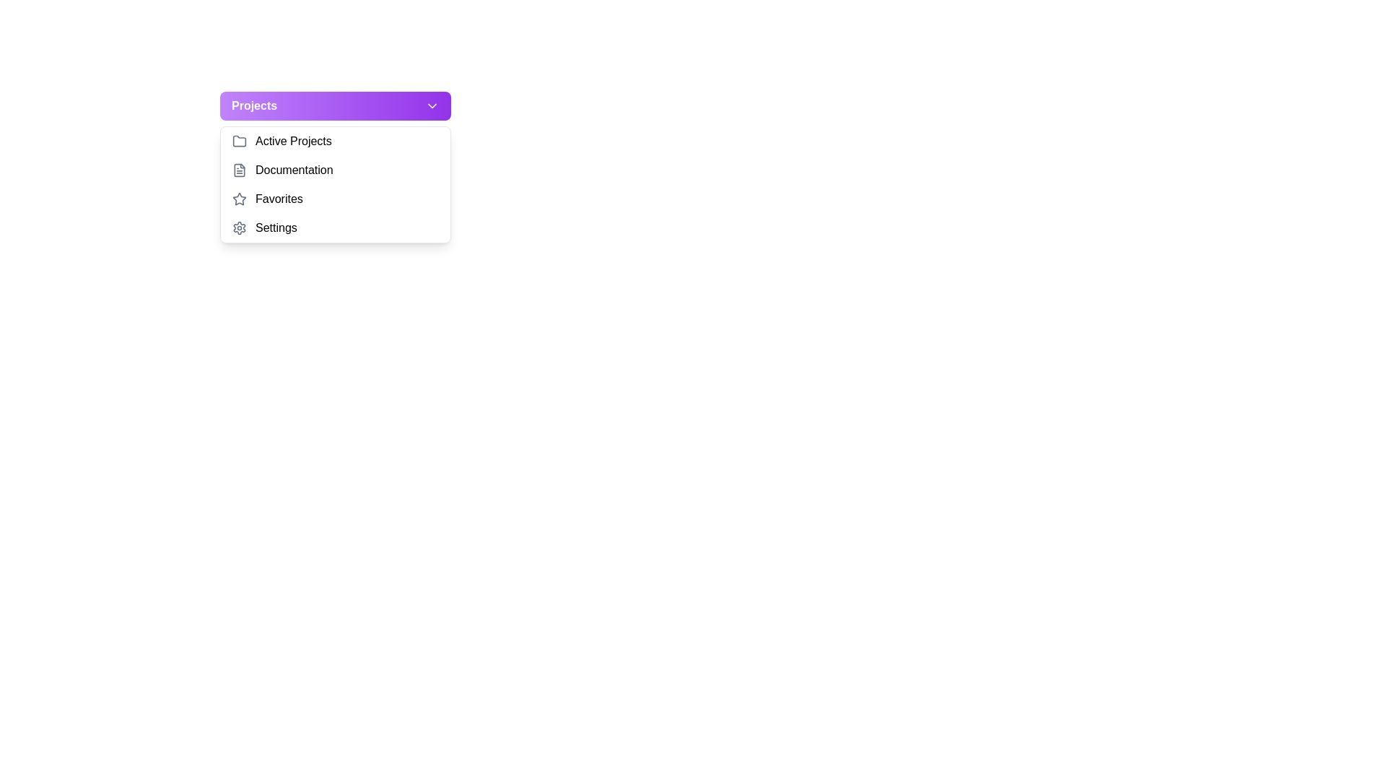  I want to click on the 'Documentation' icon located in the dropdown menu under 'Projects', which is the second item in the list, to provide a visual indication for users, so click(239, 169).